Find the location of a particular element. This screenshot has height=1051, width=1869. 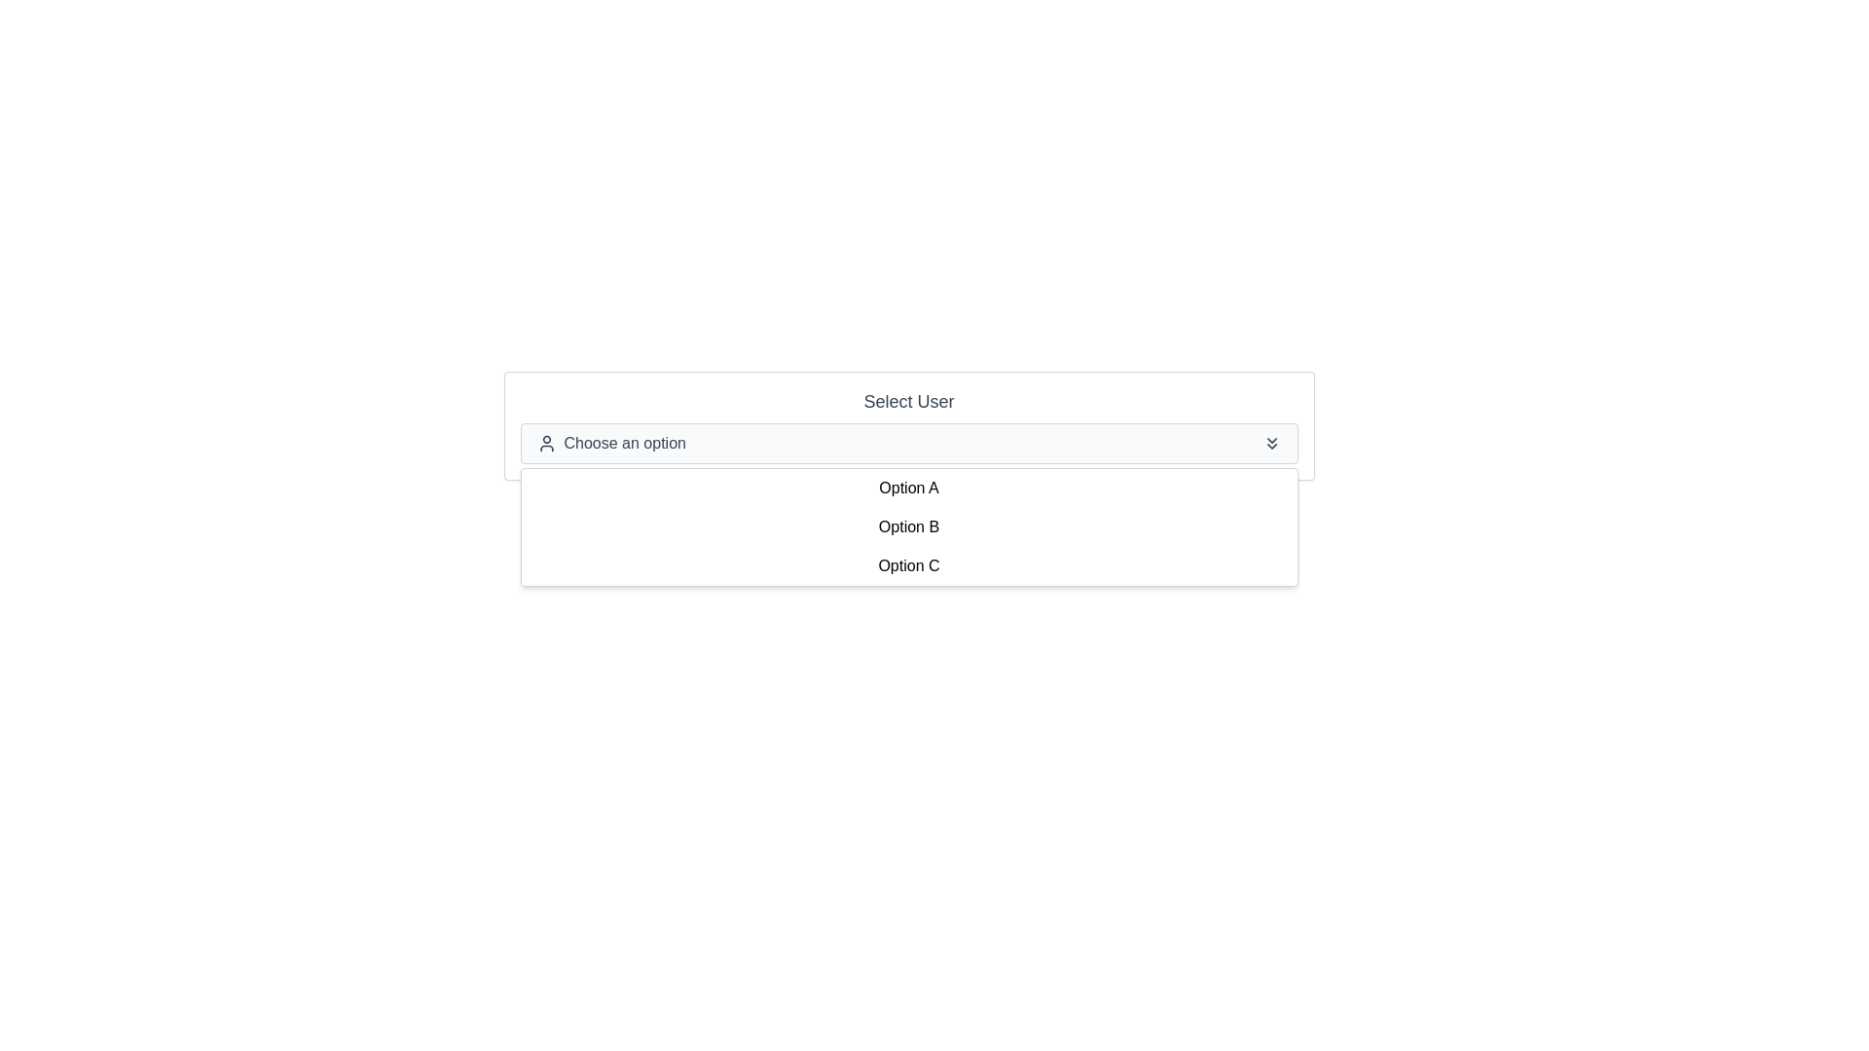

the third item in the dropdown list, which represents 'Option C' is located at coordinates (908, 566).